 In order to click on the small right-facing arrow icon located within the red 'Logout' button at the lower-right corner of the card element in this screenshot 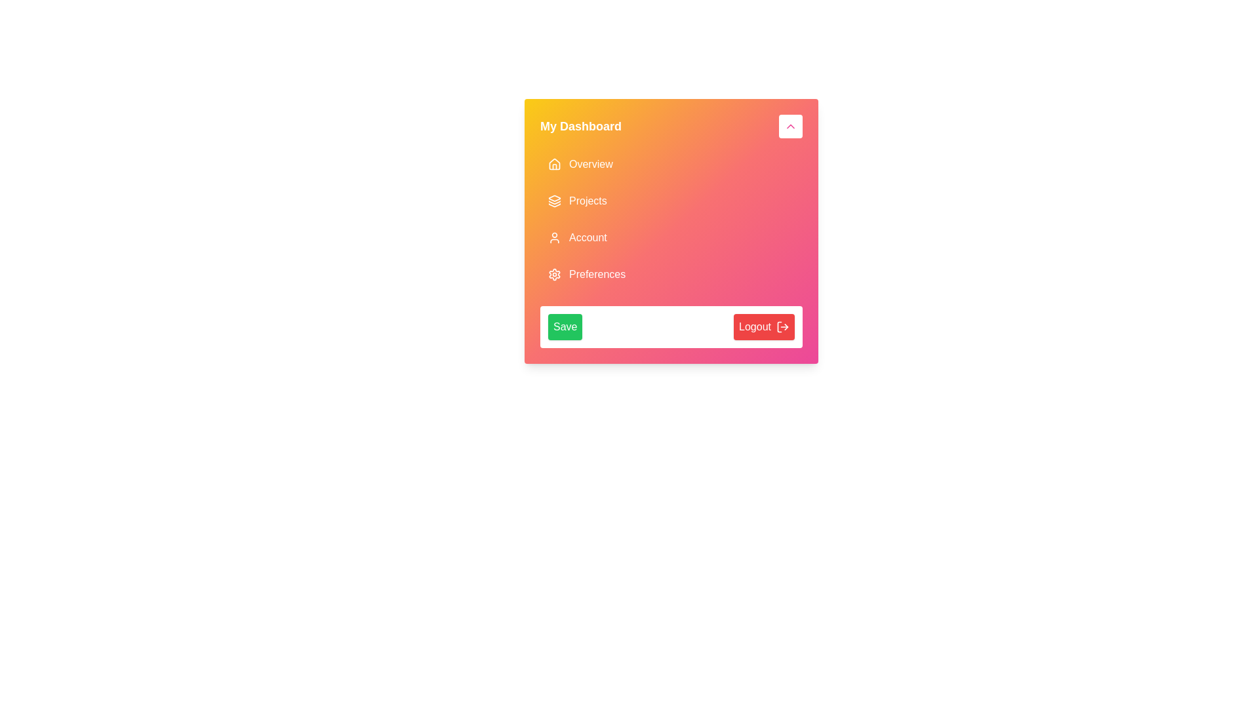, I will do `click(783, 326)`.